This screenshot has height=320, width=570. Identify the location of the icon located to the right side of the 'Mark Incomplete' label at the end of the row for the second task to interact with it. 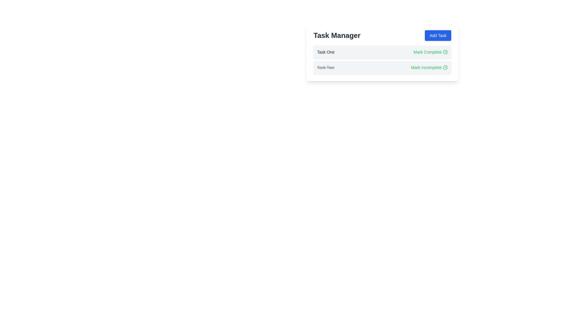
(445, 67).